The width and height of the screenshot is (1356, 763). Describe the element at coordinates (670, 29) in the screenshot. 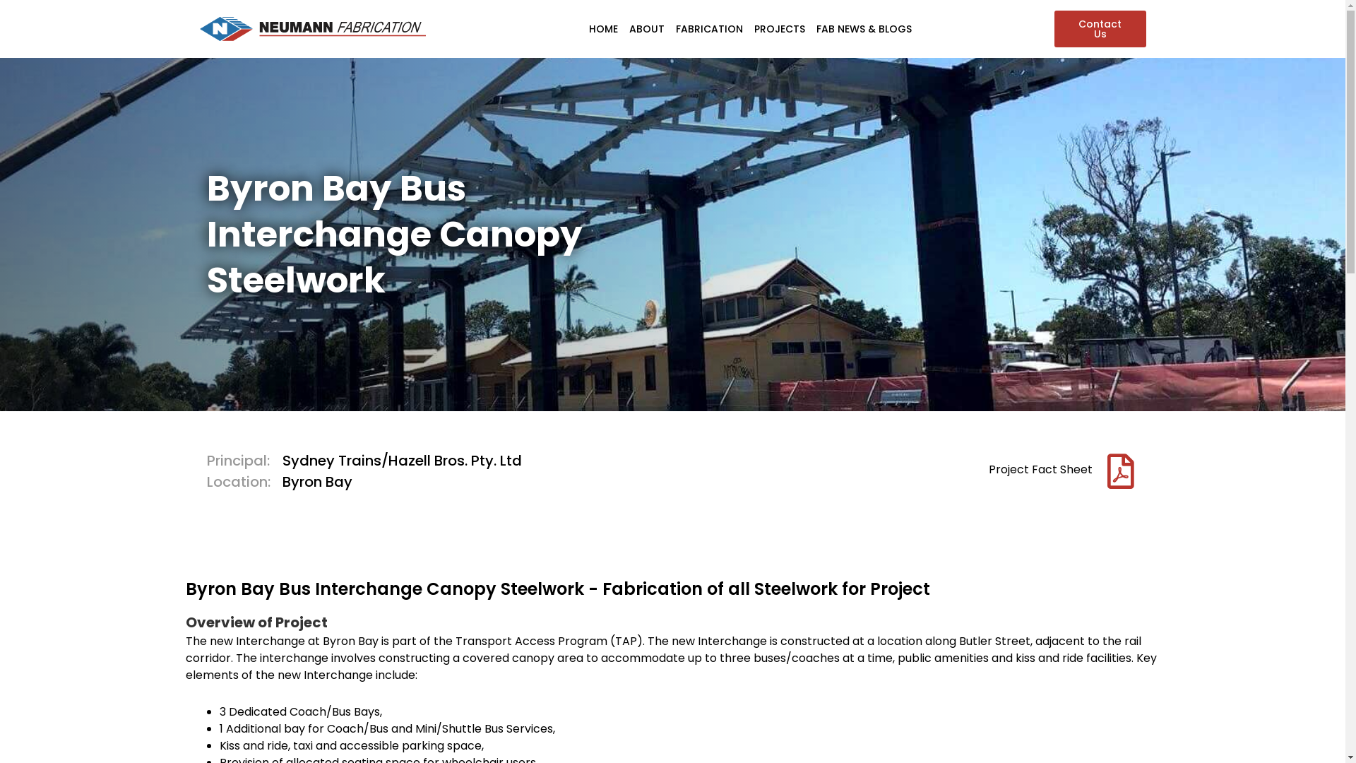

I see `'FABRICATION'` at that location.